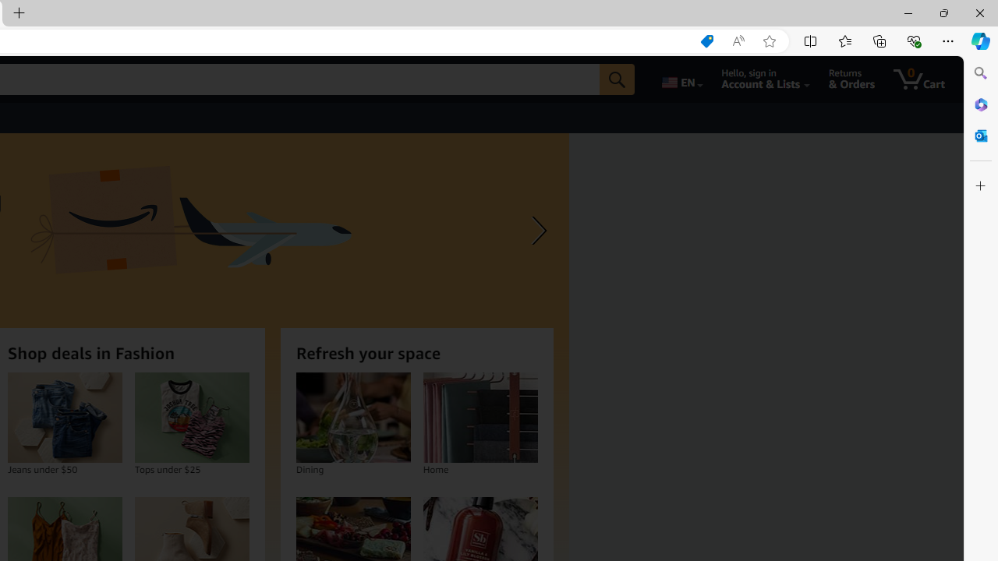 The height and width of the screenshot is (561, 998). I want to click on 'Customize', so click(980, 185).